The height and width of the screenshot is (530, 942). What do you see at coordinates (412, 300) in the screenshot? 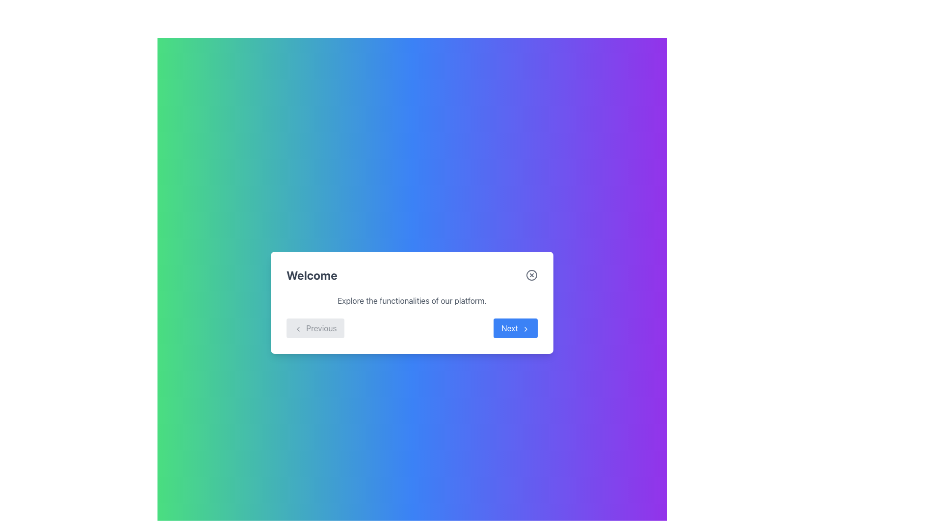
I see `the textual content saying 'Explore the functionalities of our platform.' which is centrally aligned within the modal box, located beneath the title 'Welcome'` at bounding box center [412, 300].